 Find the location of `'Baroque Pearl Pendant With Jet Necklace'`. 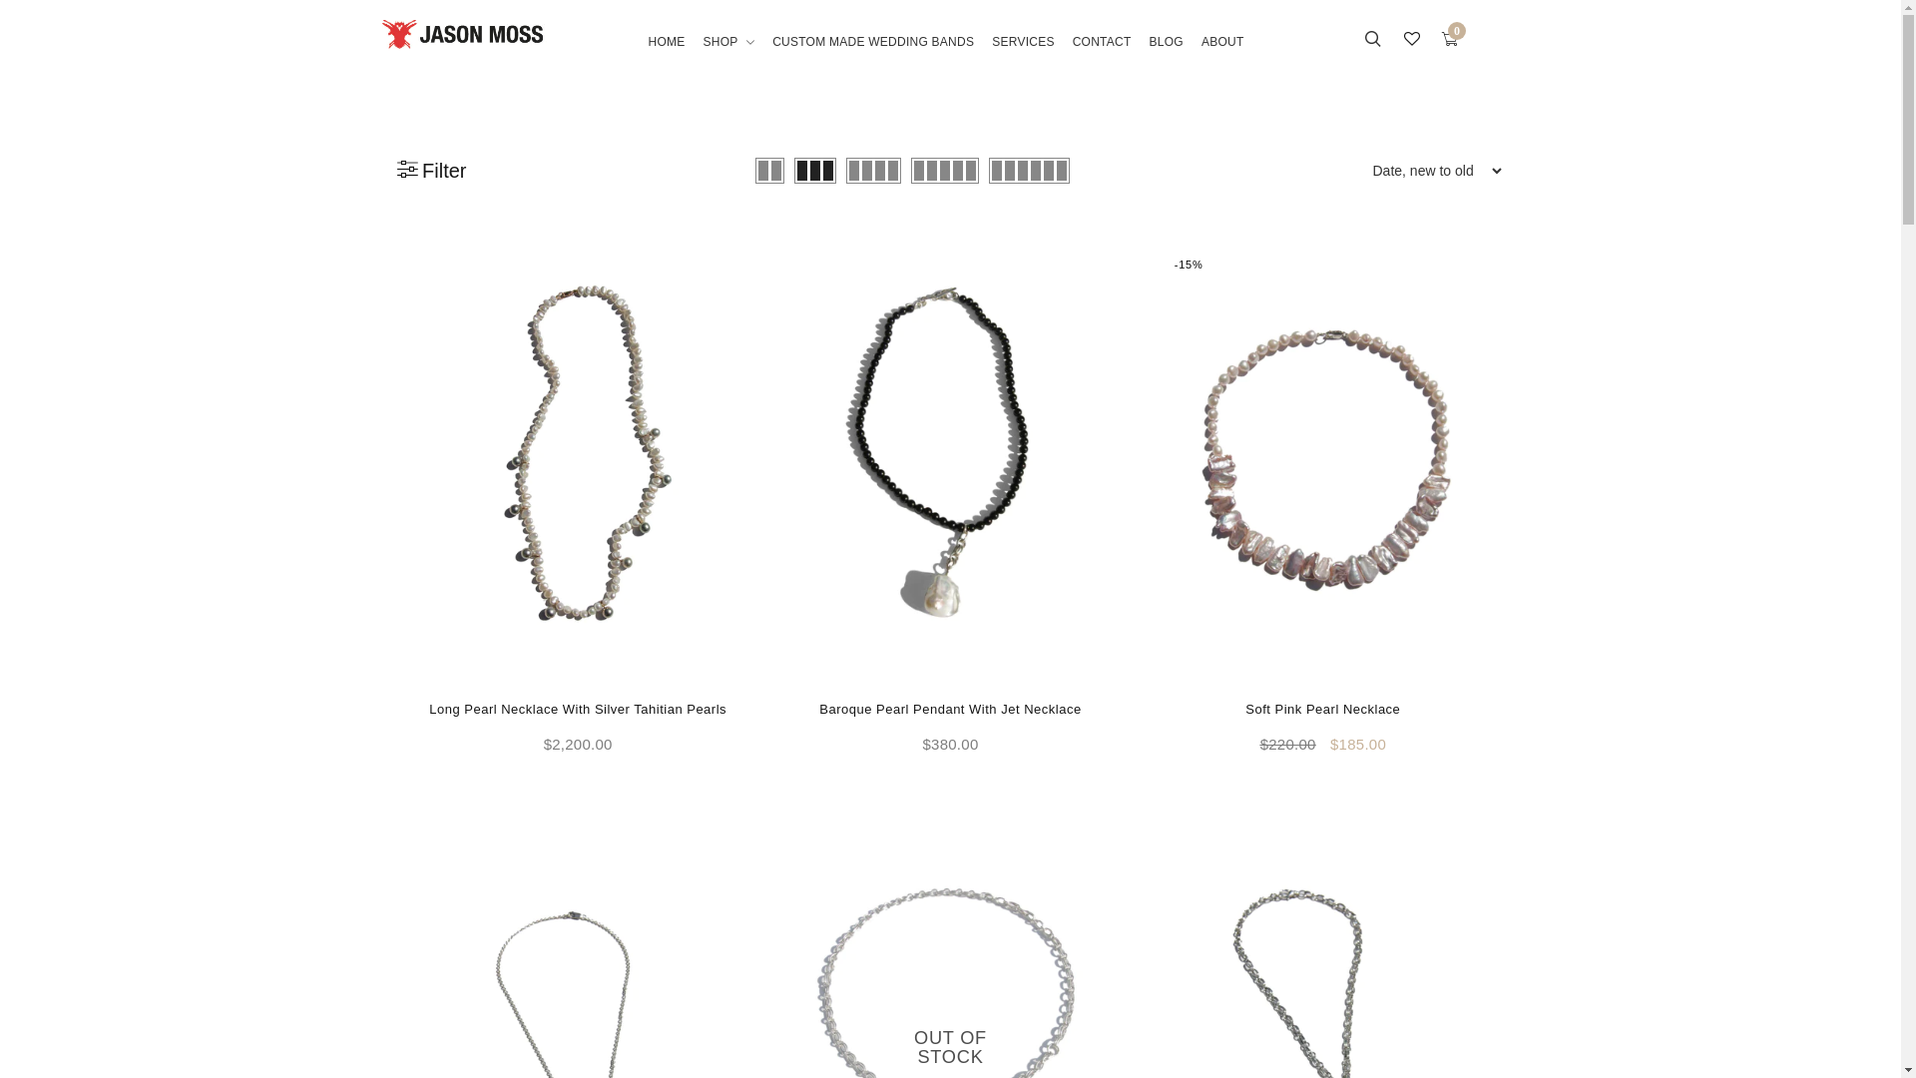

'Baroque Pearl Pendant With Jet Necklace' is located at coordinates (948, 708).